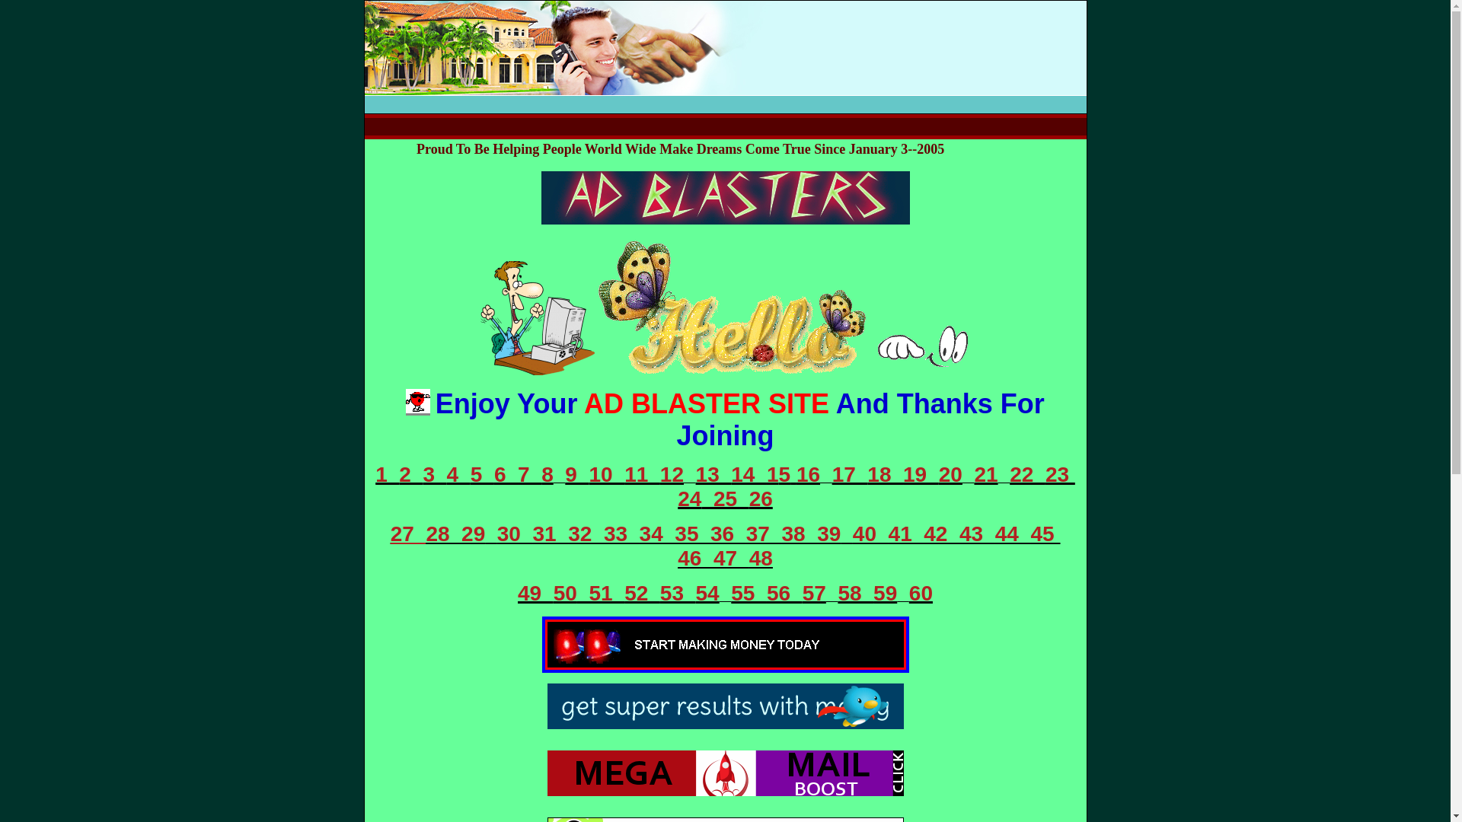 The height and width of the screenshot is (822, 1462). Describe the element at coordinates (564, 592) in the screenshot. I see `'50'` at that location.